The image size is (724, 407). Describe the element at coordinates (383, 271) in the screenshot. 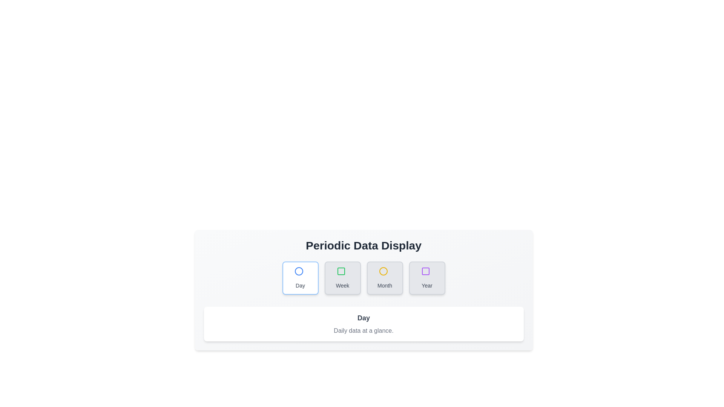

I see `the circular icon with a yellow border labeled 'Month' below the heading 'Periodic Data Display'` at that location.